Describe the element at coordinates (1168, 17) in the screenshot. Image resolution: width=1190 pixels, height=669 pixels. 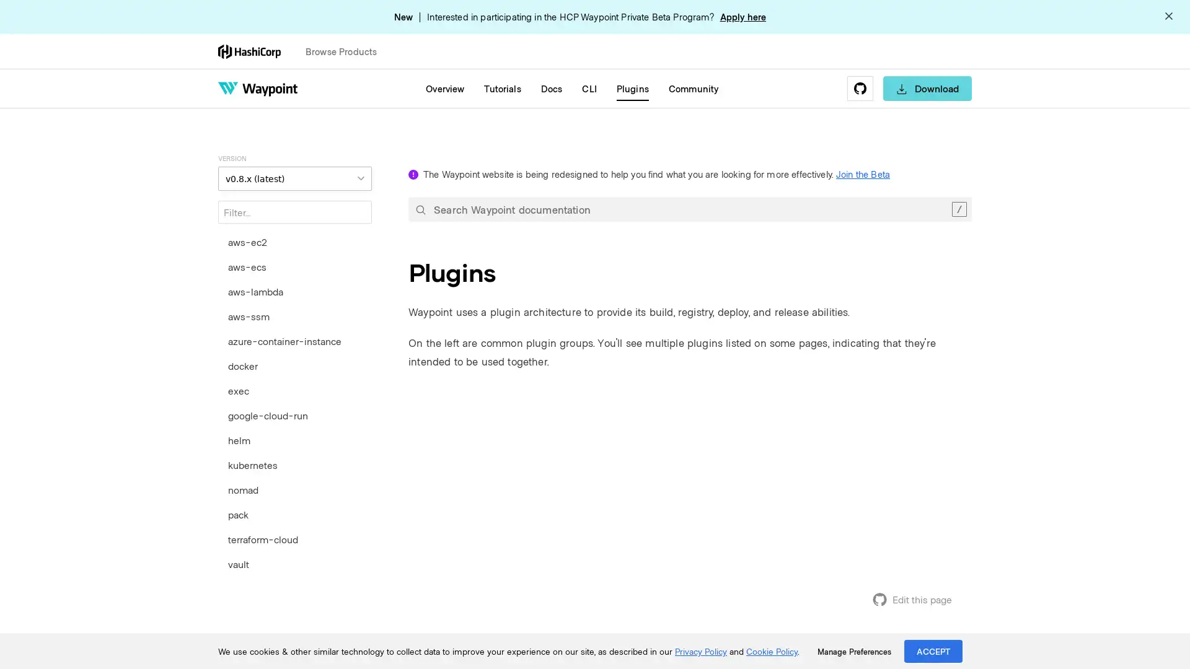
I see `Dismiss alert` at that location.